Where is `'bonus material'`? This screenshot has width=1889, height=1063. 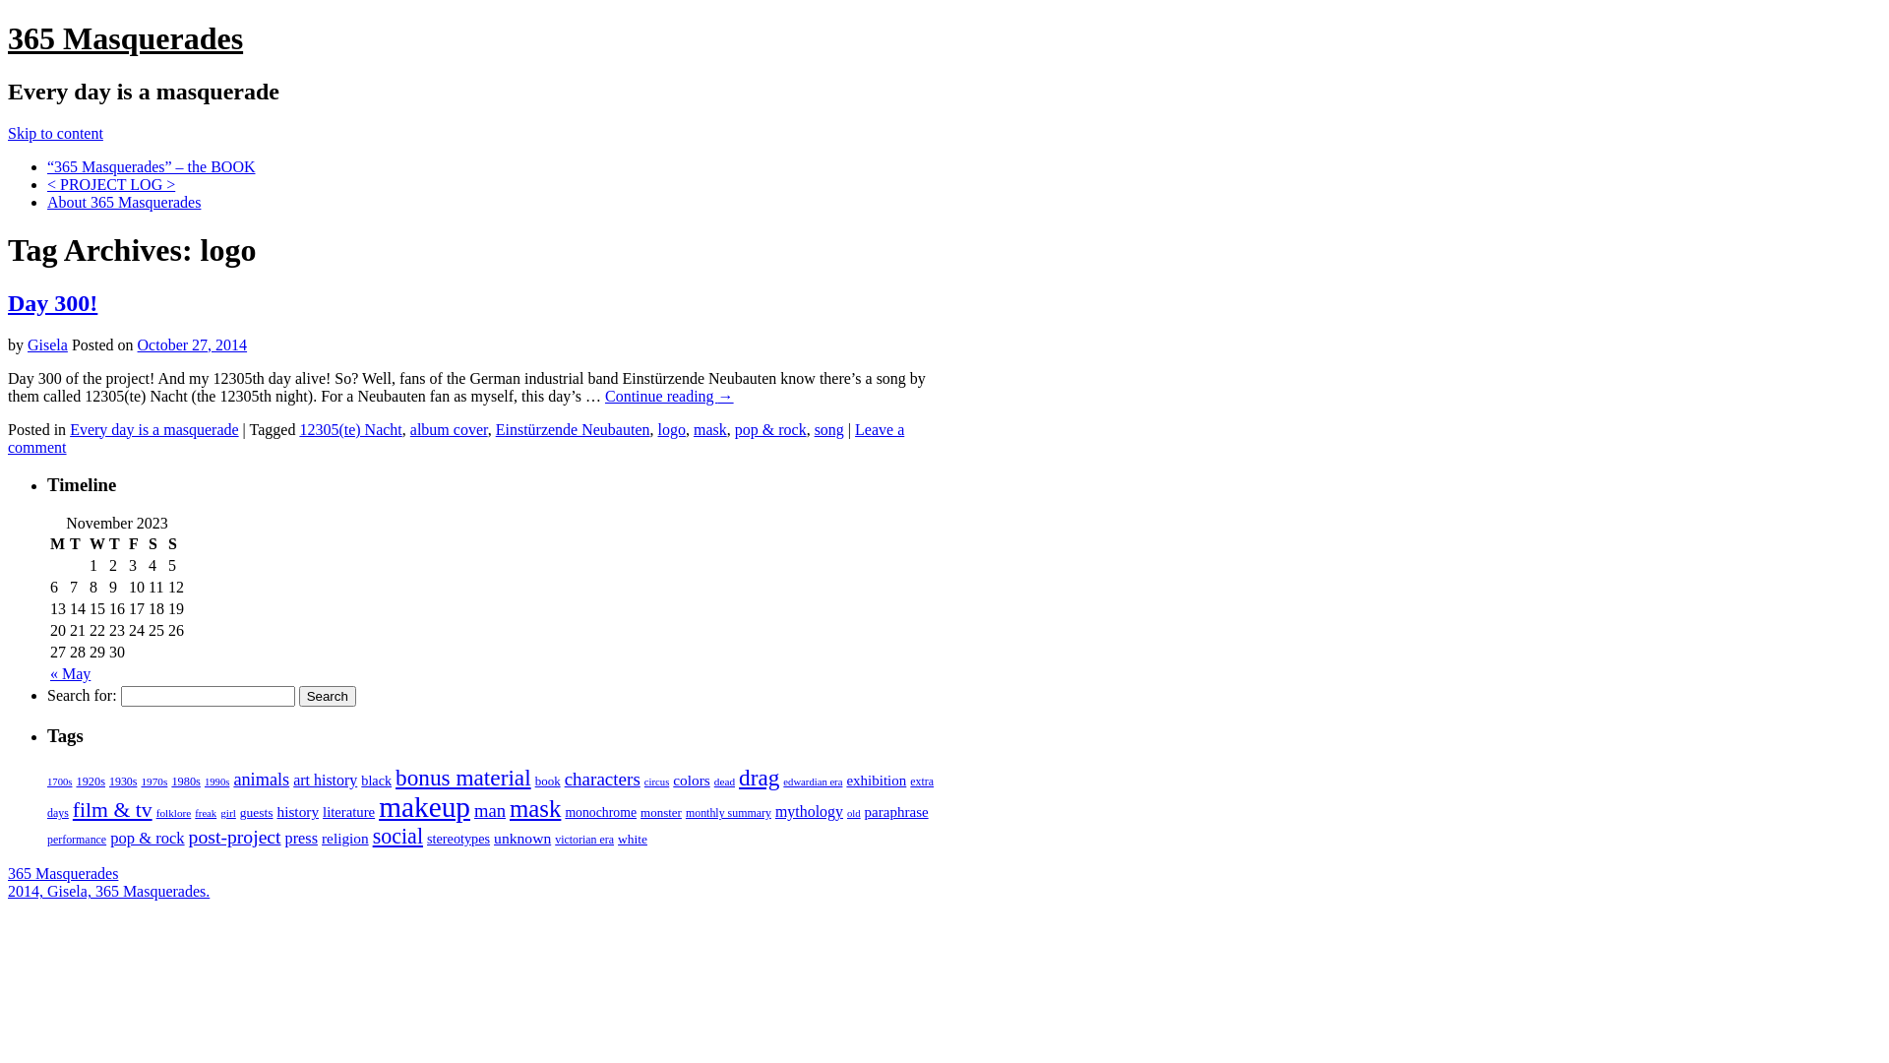 'bonus material' is located at coordinates (395, 777).